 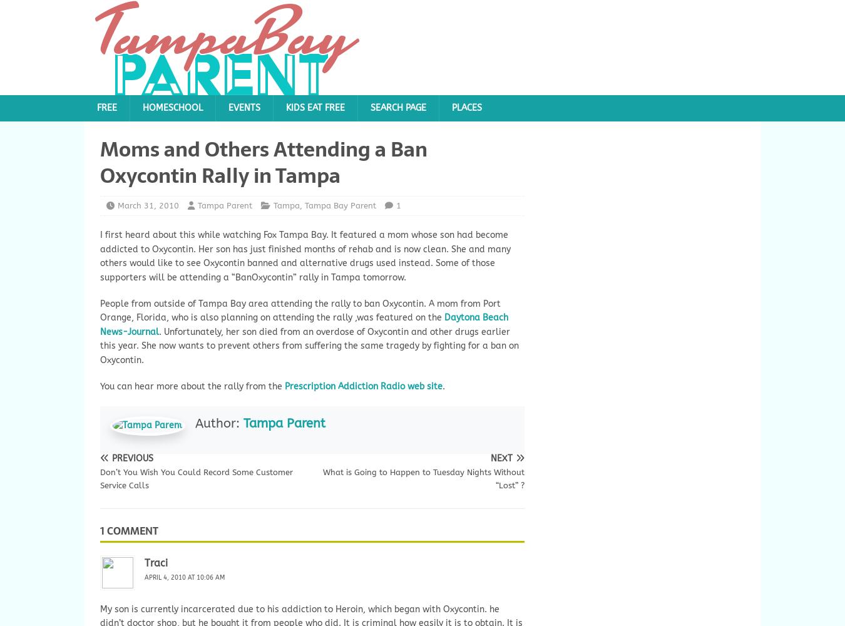 What do you see at coordinates (148, 204) in the screenshot?
I see `'March 31, 2010'` at bounding box center [148, 204].